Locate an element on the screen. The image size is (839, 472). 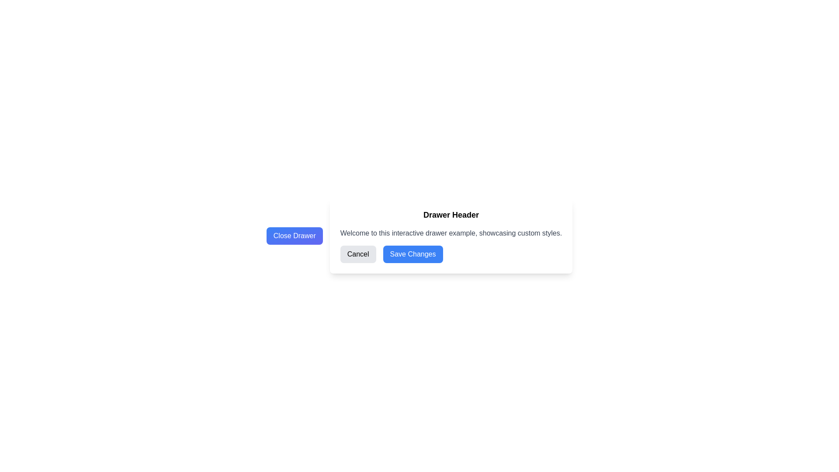
the Text Label located below the bold header 'Drawer Header', which provides instructional information about the drawer interface is located at coordinates (451, 233).